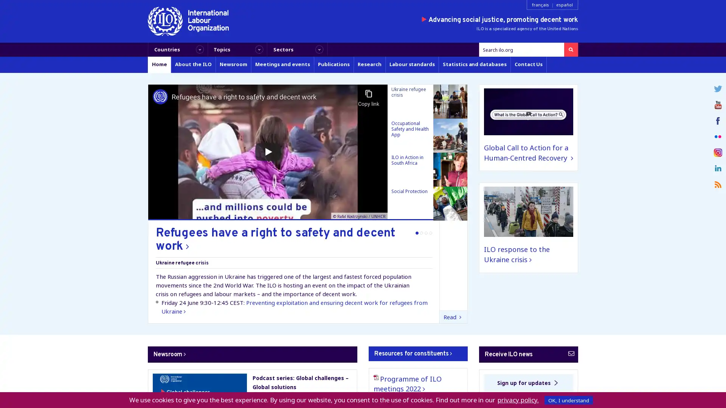 The height and width of the screenshot is (408, 726). What do you see at coordinates (568, 400) in the screenshot?
I see `OK, I understand` at bounding box center [568, 400].